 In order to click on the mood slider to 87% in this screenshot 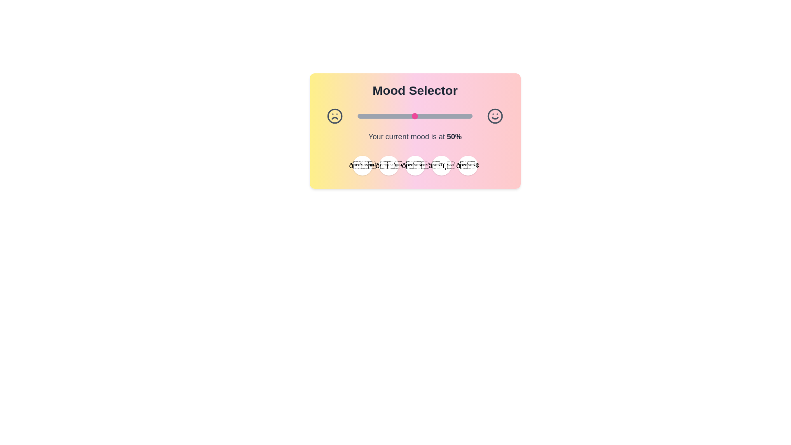, I will do `click(457, 116)`.